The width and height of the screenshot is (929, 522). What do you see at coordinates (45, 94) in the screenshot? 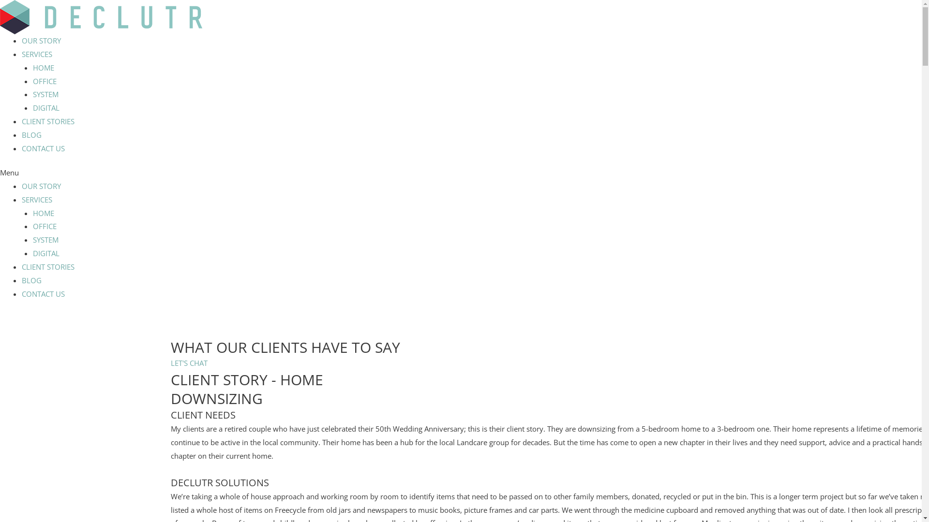
I see `'SYSTEM'` at bounding box center [45, 94].